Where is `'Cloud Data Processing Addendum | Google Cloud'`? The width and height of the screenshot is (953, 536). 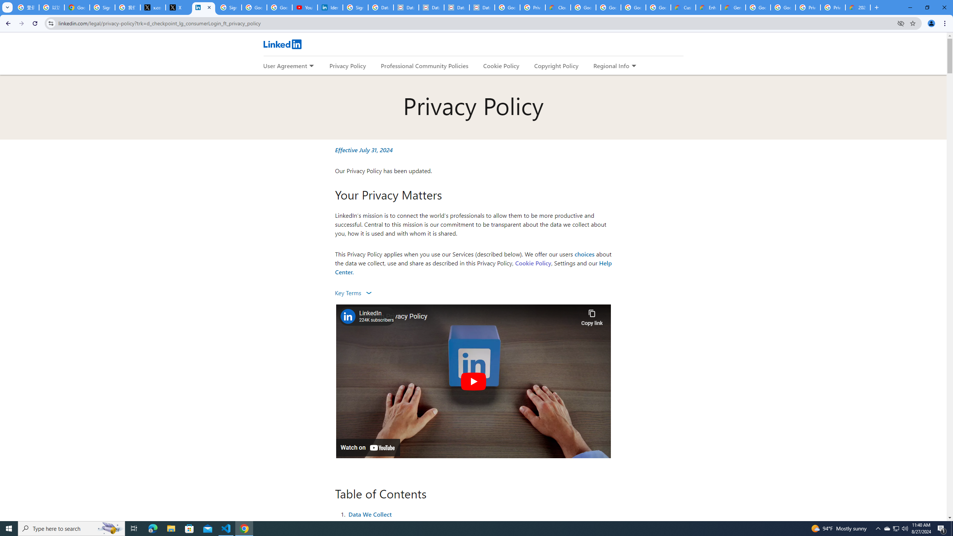
'Cloud Data Processing Addendum | Google Cloud' is located at coordinates (557, 7).